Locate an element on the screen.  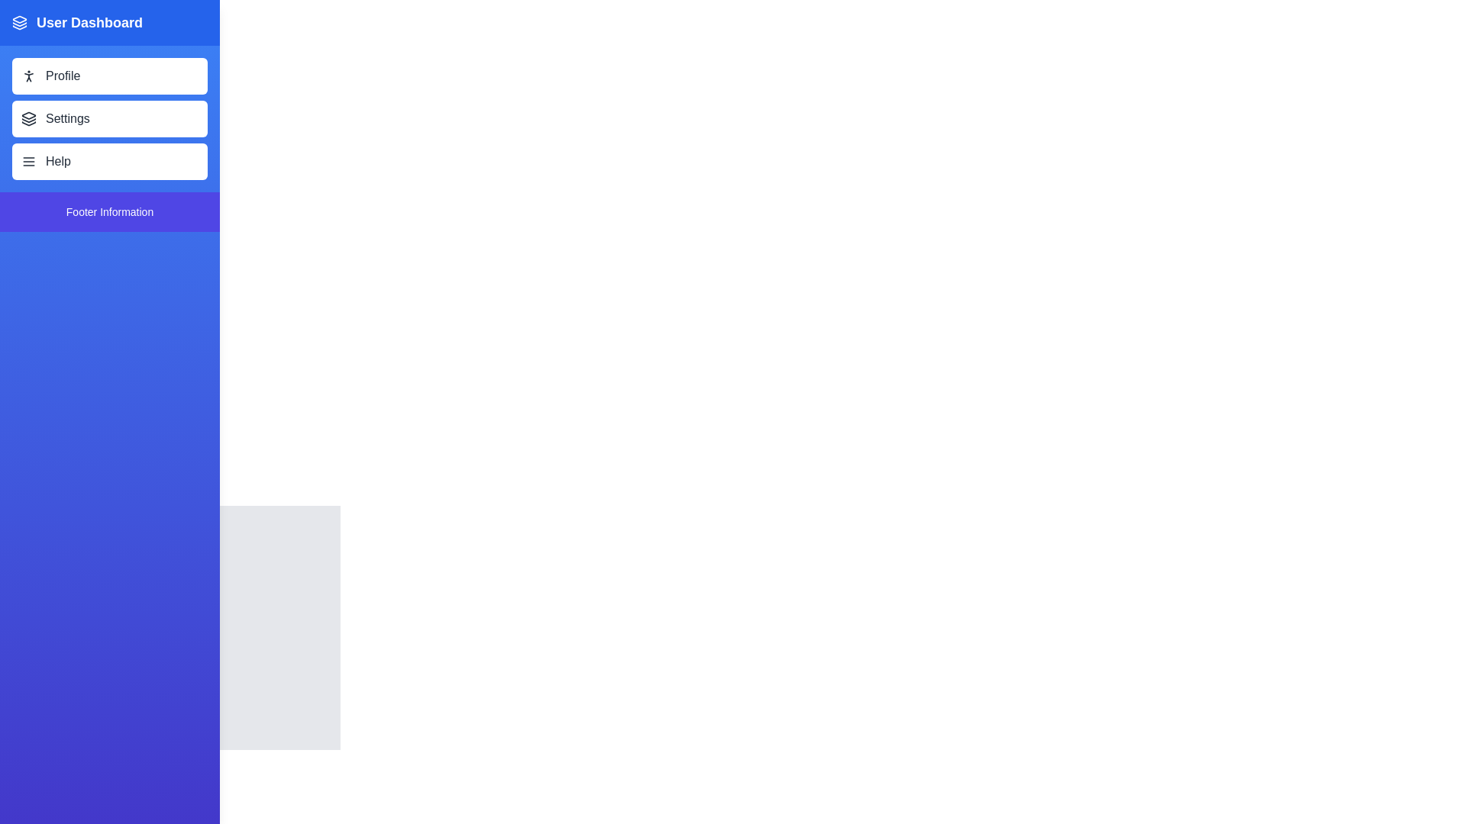
the decorative vector graphic element that represents the bottom layer of the stack in the 'layers' icon, located to the left of the 'Settings' menu item in the vertical navigation bar is located at coordinates (29, 123).